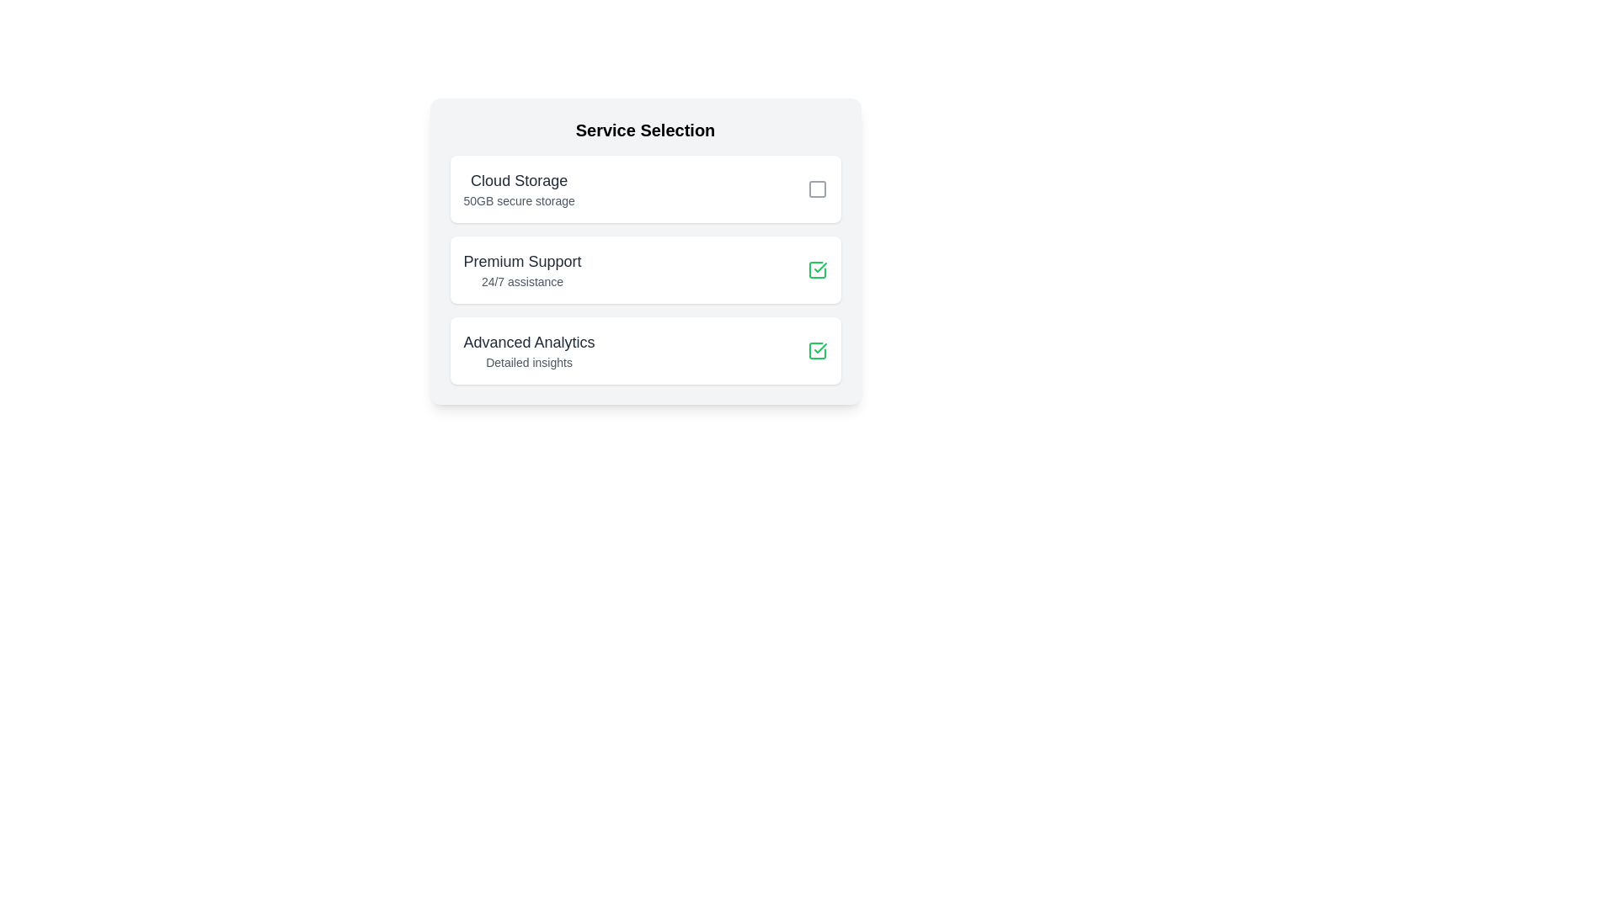  Describe the element at coordinates (817, 189) in the screenshot. I see `the square icon button styled for selection located at the far right of the topmost list item labeled 'Cloud Storage'` at that location.